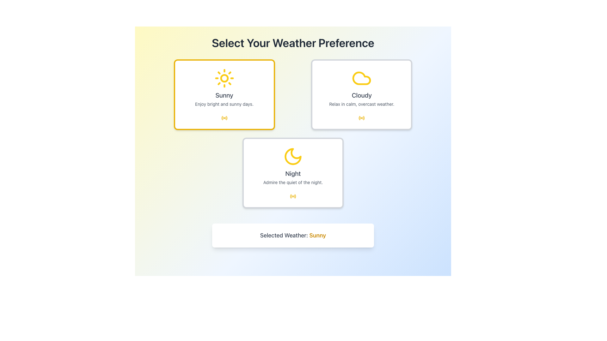 This screenshot has height=341, width=607. Describe the element at coordinates (224, 95) in the screenshot. I see `the Text Label that describes the weather condition as 'Sunny', which is positioned below the sun icon and above the text 'Enjoy bright and sunny days.'` at that location.